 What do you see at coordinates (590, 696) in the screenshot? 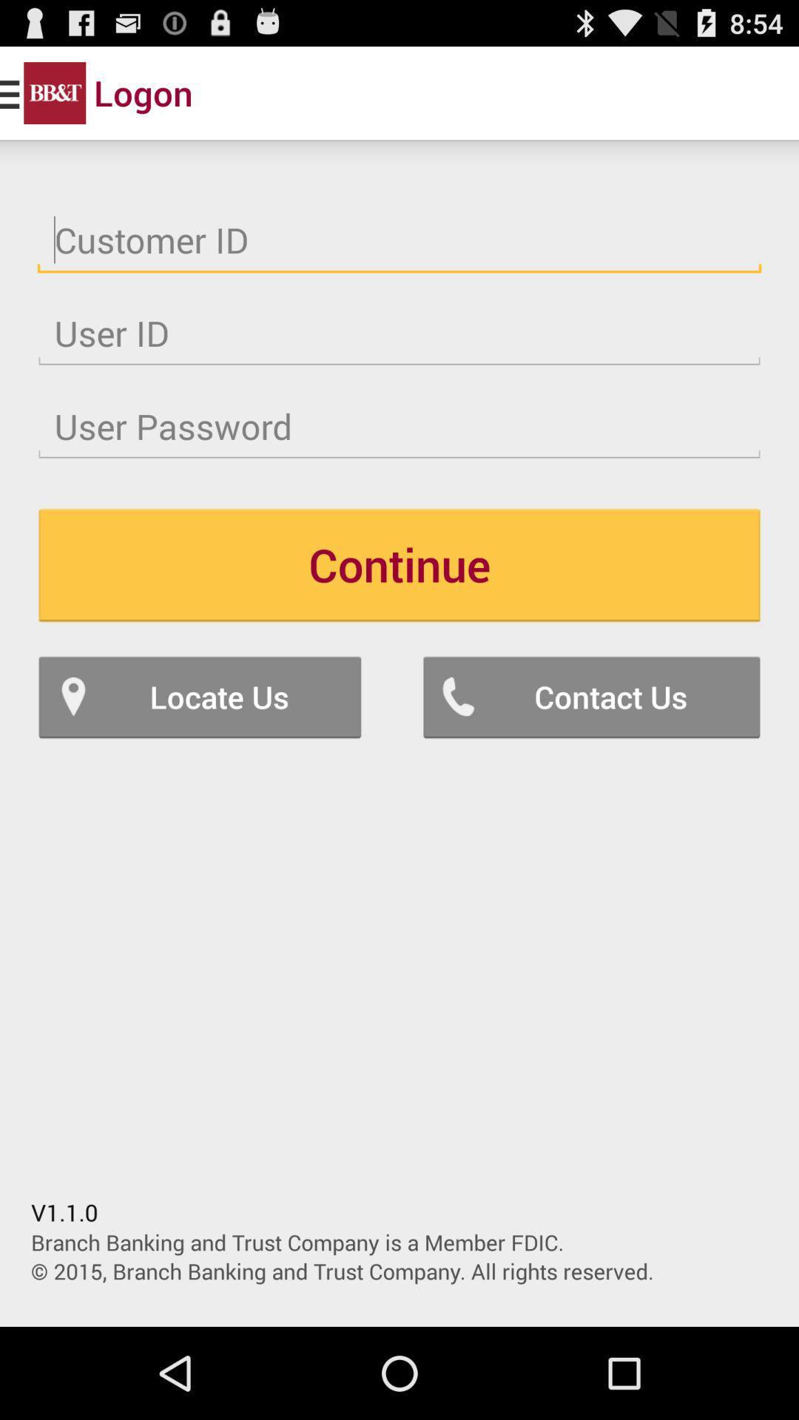
I see `contact us` at bounding box center [590, 696].